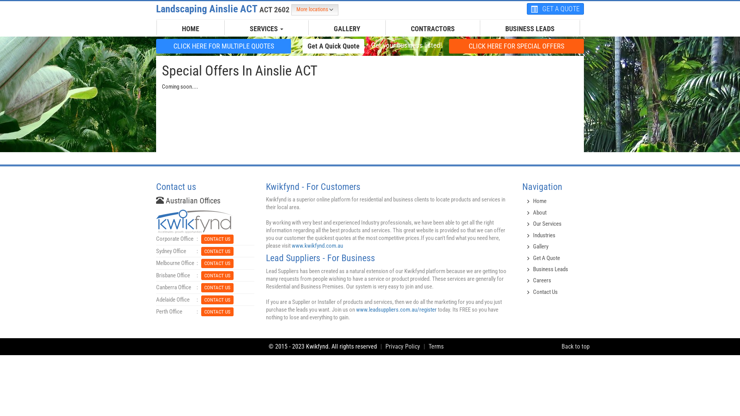 Image resolution: width=740 pixels, height=416 pixels. I want to click on 'Landscaping Ainslie ACT ACT 2602', so click(223, 9).